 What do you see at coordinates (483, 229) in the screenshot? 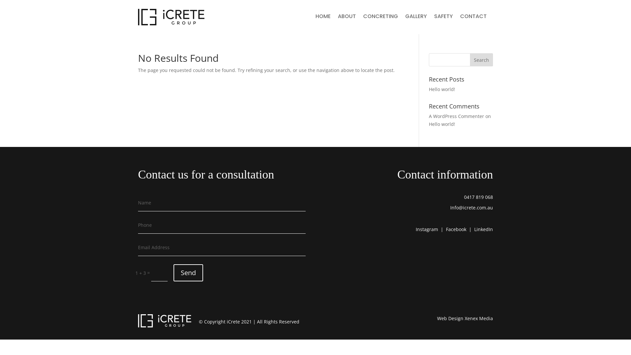
I see `'LinkedIn'` at bounding box center [483, 229].